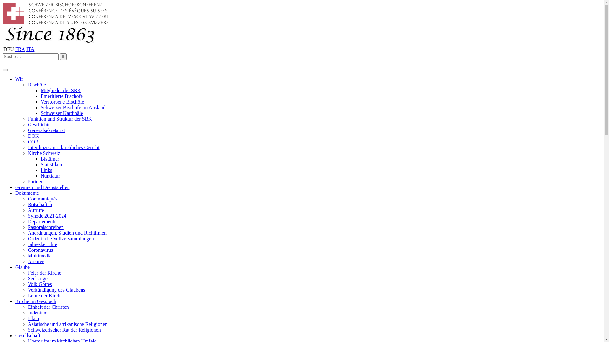  Describe the element at coordinates (20, 49) in the screenshot. I see `'FRA'` at that location.